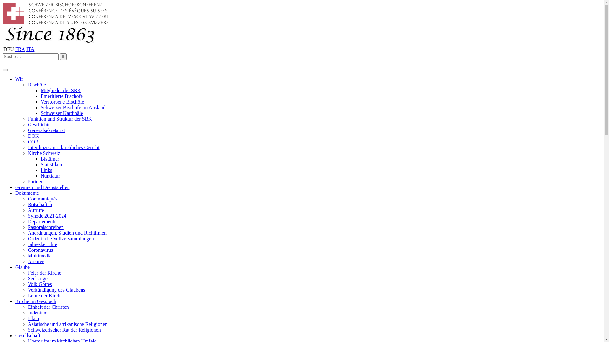  Describe the element at coordinates (20, 49) in the screenshot. I see `'FRA'` at that location.